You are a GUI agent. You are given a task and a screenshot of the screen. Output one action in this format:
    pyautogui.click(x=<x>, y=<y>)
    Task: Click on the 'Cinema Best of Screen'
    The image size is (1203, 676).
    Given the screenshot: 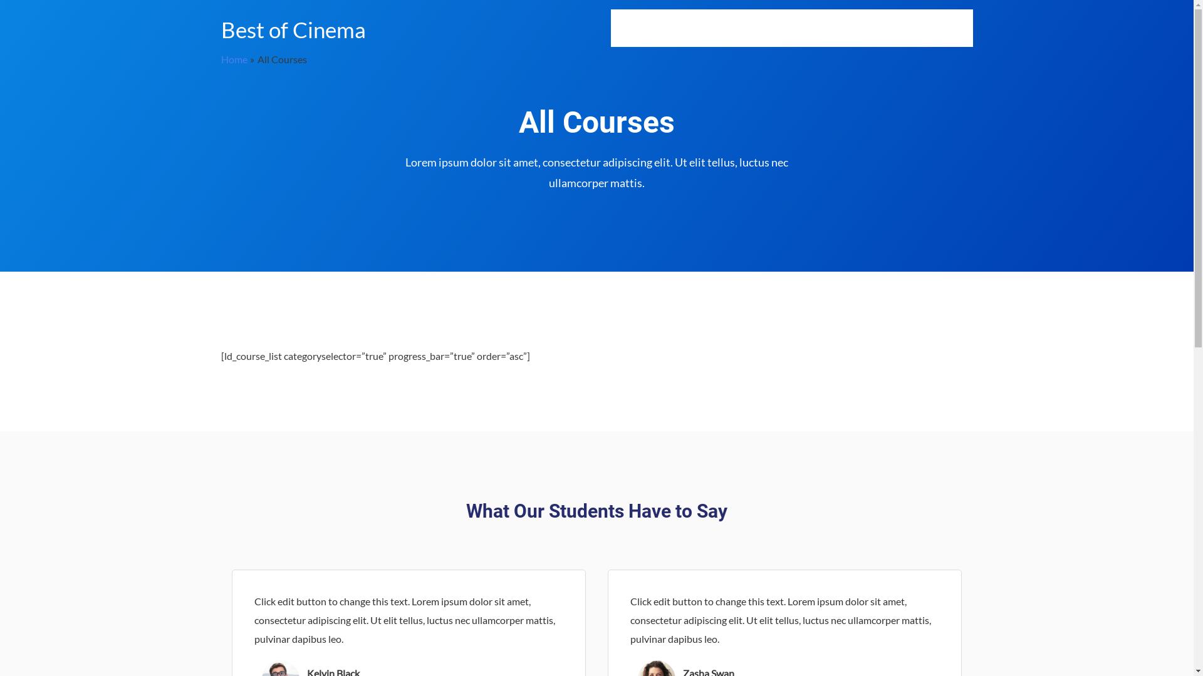 What is the action you would take?
    pyautogui.click(x=808, y=28)
    